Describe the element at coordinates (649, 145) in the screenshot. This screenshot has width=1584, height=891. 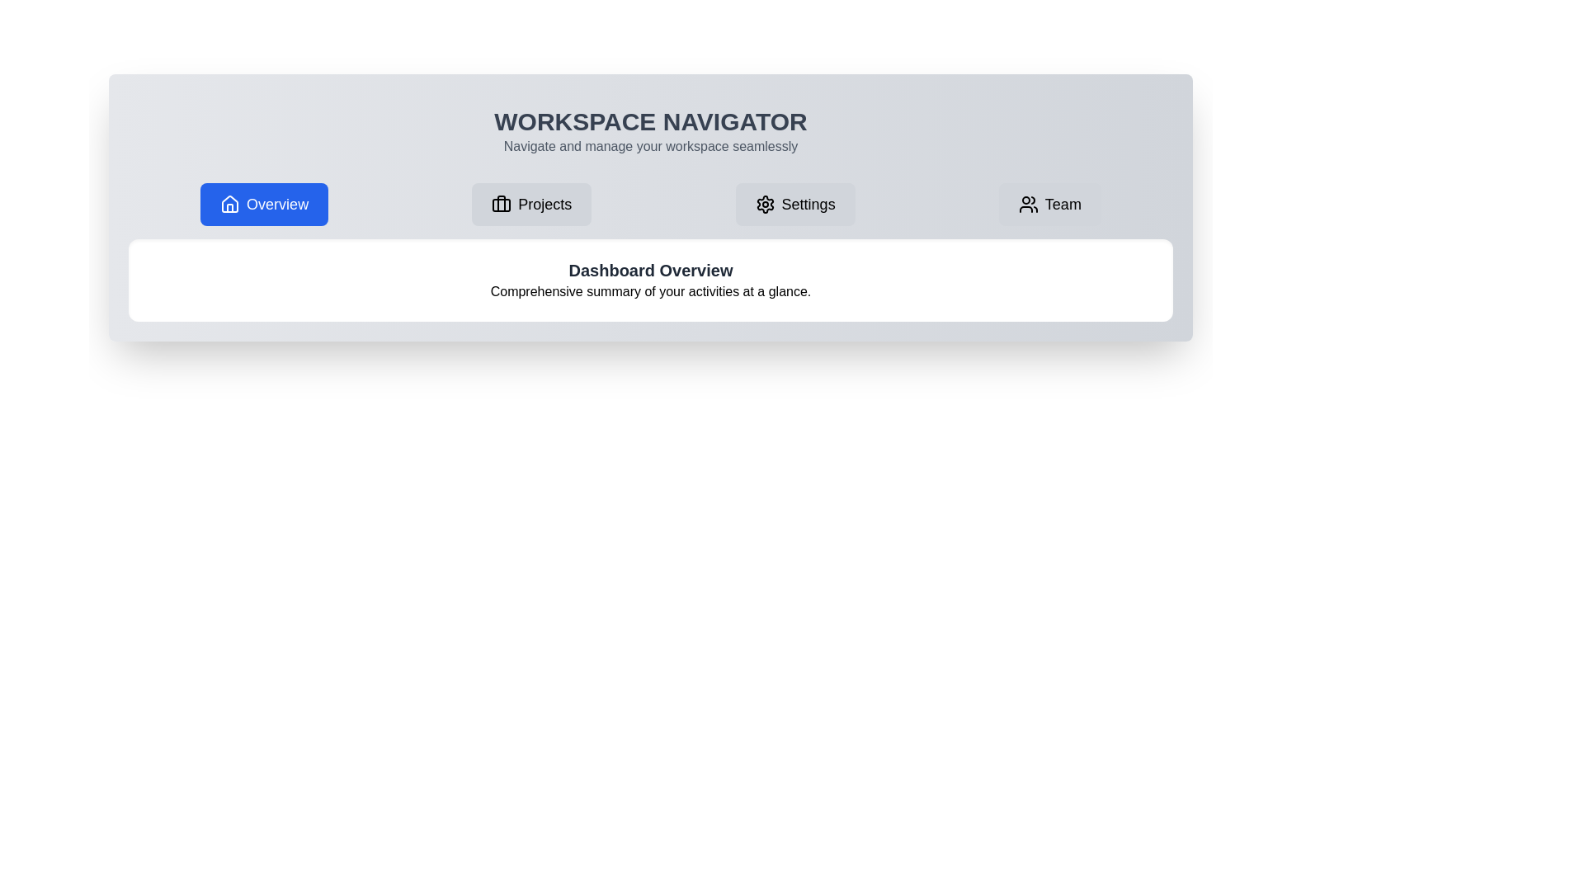
I see `the static text element located directly underneath the 'WORKSPACE NAVIGATOR' title, which serves as an informational subtitle for this section` at that location.